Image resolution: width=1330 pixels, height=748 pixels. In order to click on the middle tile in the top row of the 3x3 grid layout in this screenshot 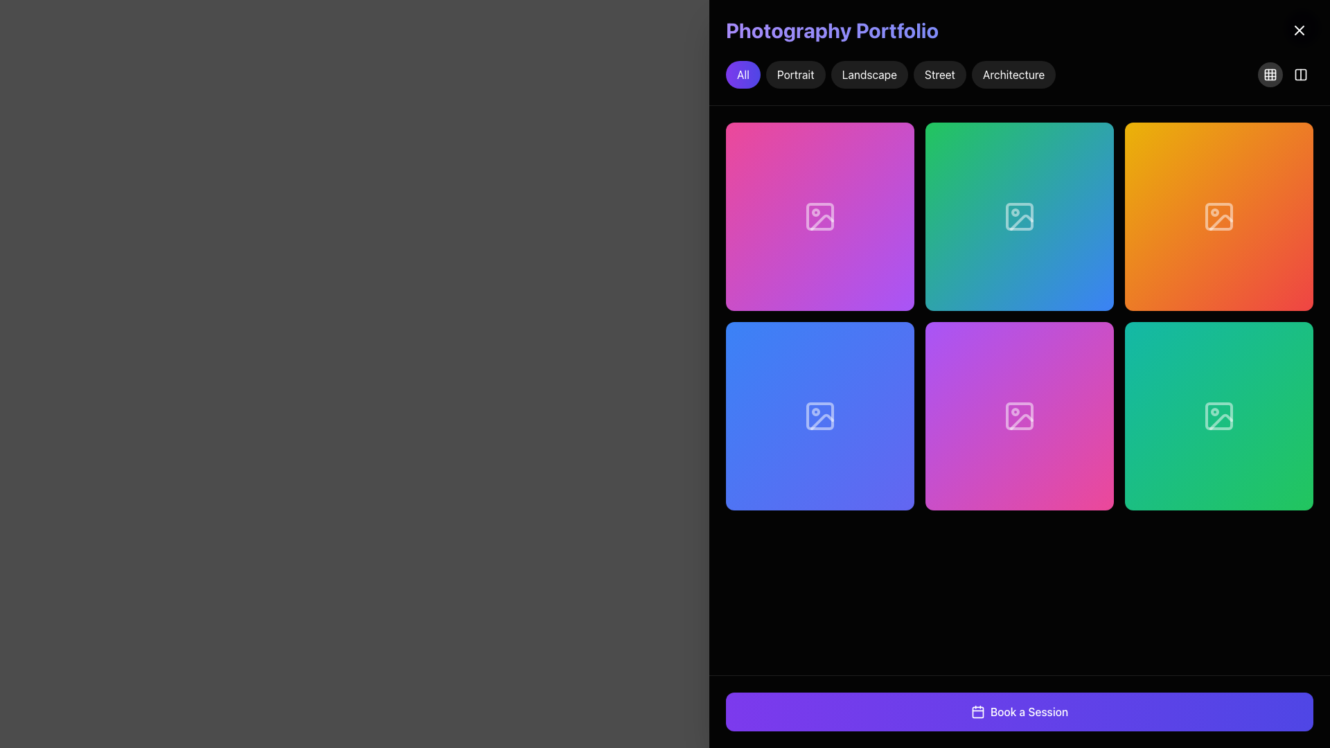, I will do `click(1020, 216)`.